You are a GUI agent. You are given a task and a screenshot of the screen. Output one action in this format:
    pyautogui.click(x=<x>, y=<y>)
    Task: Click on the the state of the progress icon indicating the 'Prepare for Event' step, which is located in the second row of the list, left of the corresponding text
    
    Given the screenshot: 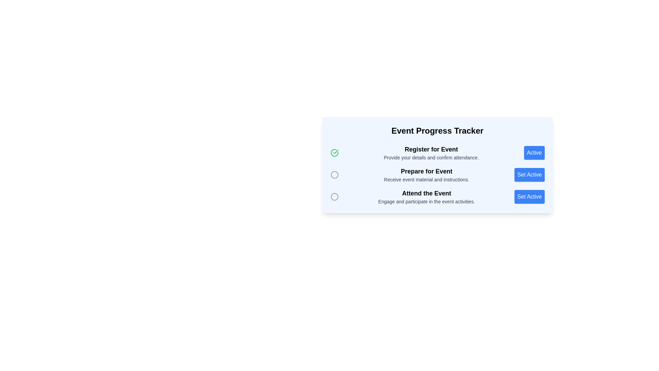 What is the action you would take?
    pyautogui.click(x=334, y=175)
    